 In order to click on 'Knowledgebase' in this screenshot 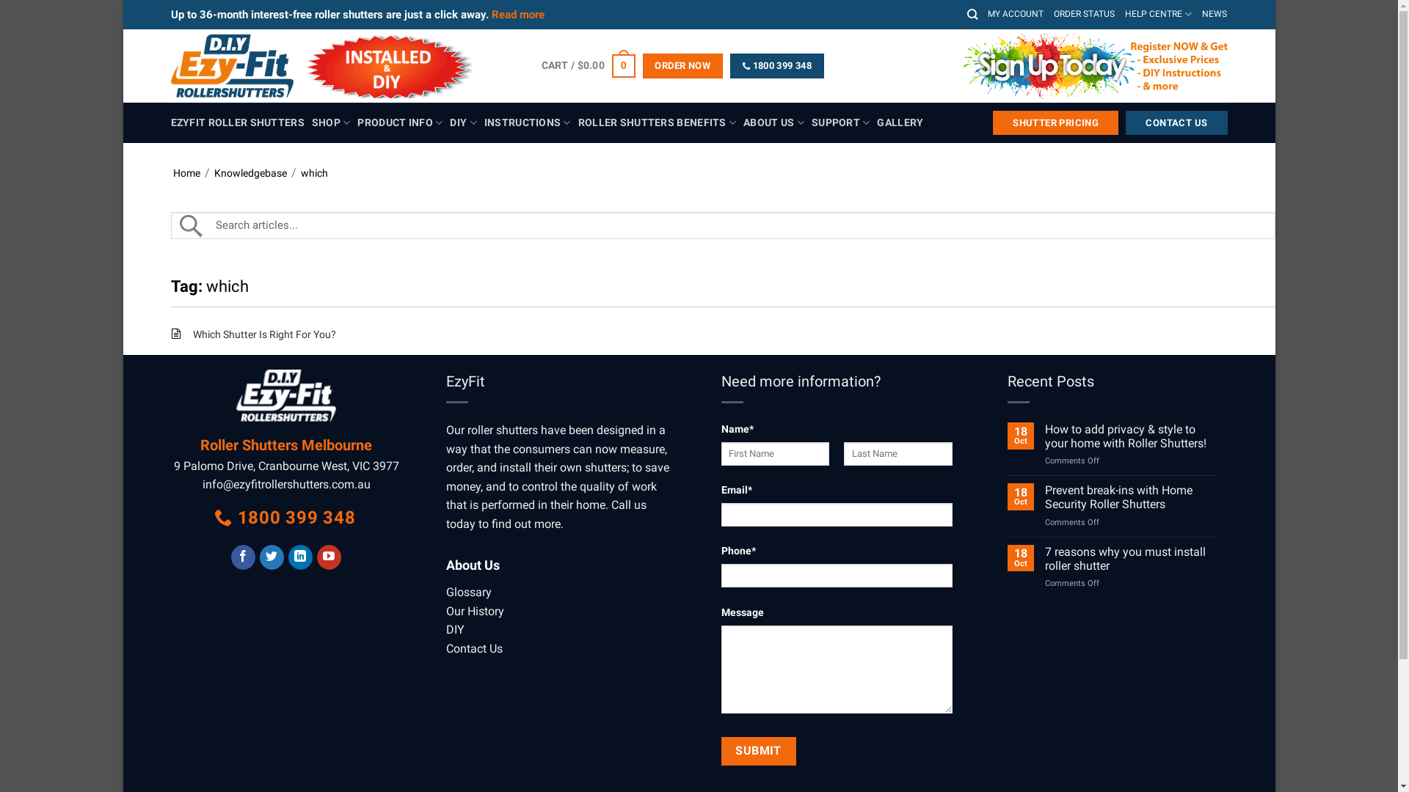, I will do `click(250, 172)`.